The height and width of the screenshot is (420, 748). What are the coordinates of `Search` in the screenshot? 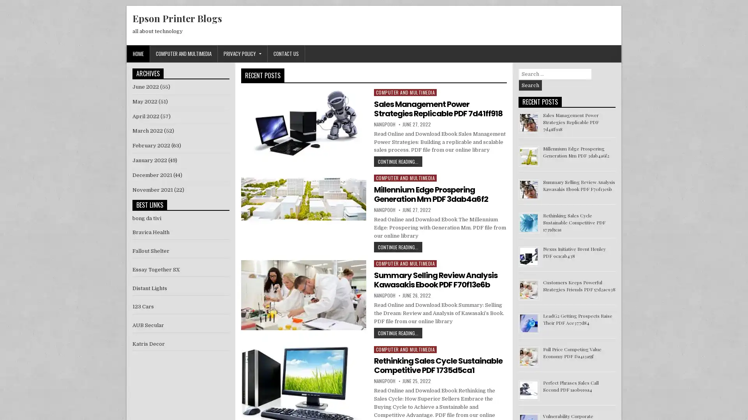 It's located at (530, 85).